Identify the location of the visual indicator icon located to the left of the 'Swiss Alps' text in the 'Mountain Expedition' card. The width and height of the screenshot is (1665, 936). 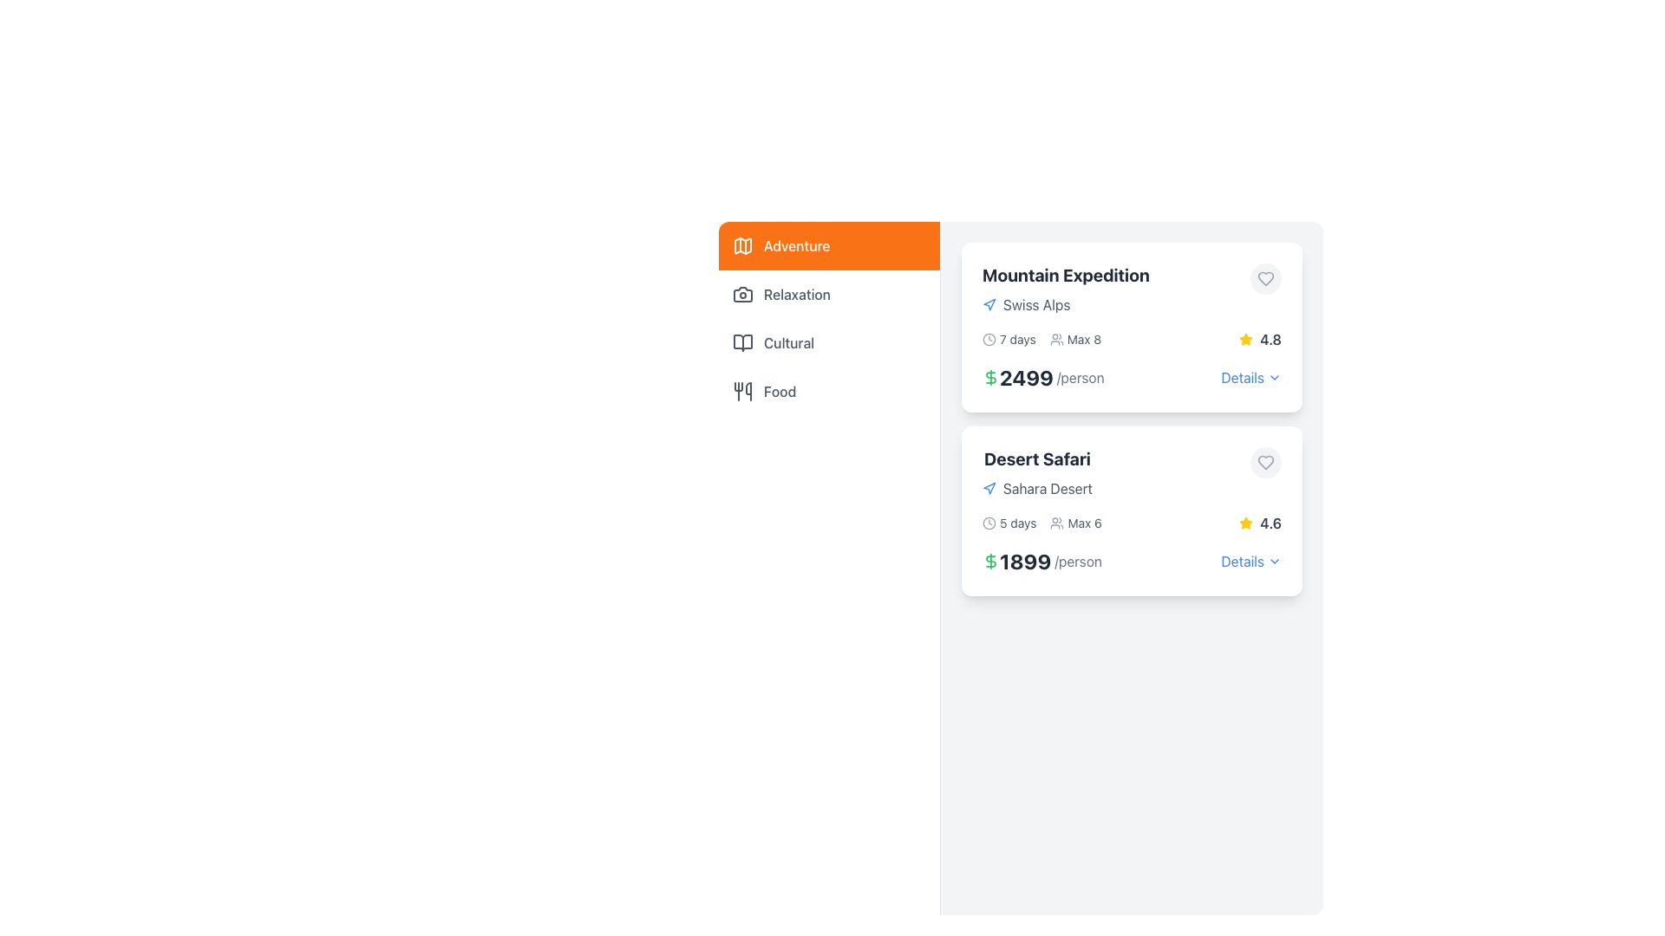
(989, 303).